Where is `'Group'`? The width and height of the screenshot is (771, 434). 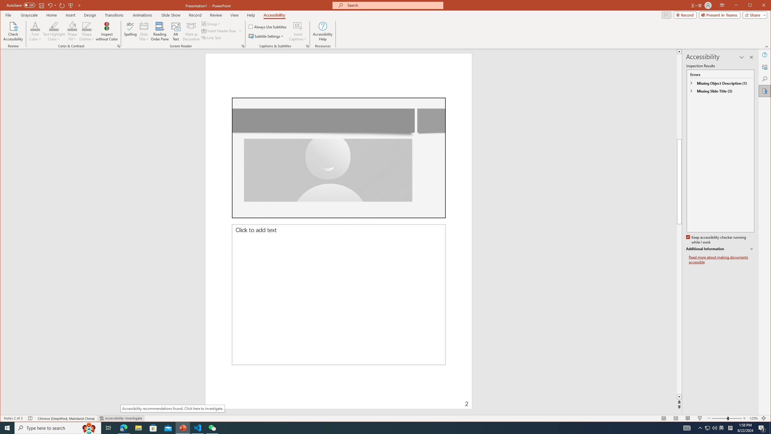
'Group' is located at coordinates (211, 24).